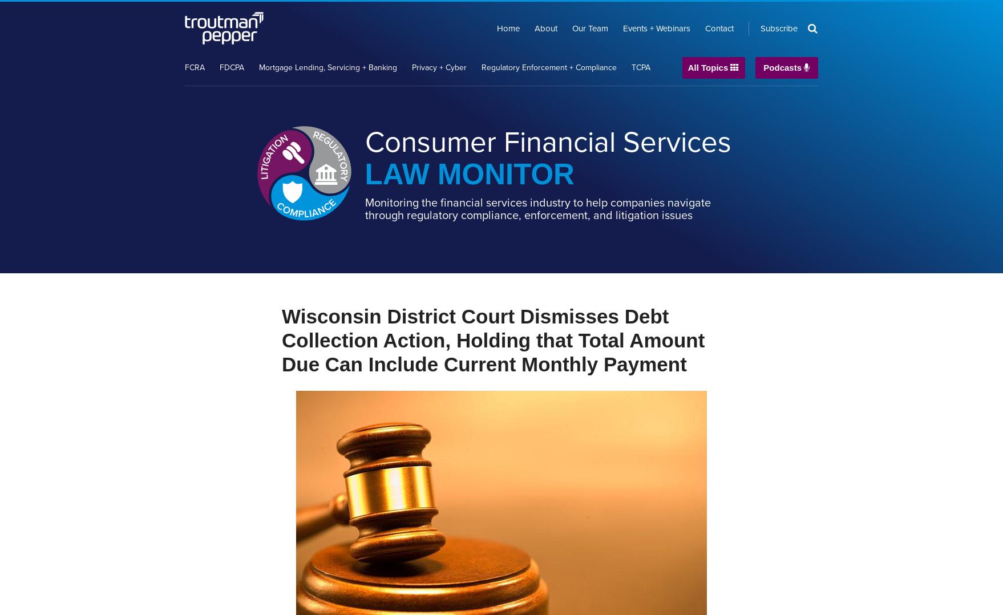  I want to click on 'About', so click(546, 28).